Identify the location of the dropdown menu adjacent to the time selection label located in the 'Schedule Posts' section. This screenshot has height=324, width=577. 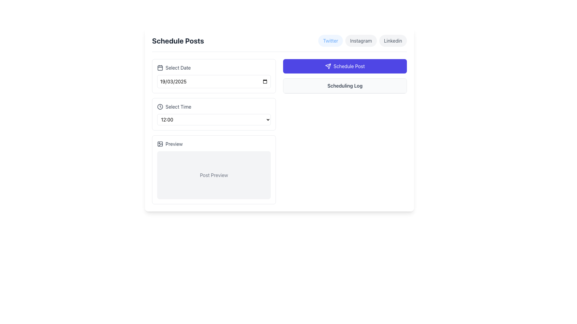
(214, 106).